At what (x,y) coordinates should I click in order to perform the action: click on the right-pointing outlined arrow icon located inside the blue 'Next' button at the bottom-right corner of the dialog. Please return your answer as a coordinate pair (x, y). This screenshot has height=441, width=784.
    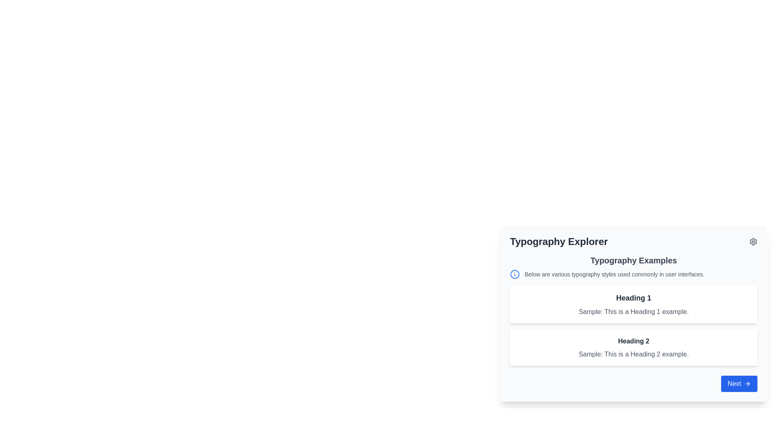
    Looking at the image, I should click on (747, 384).